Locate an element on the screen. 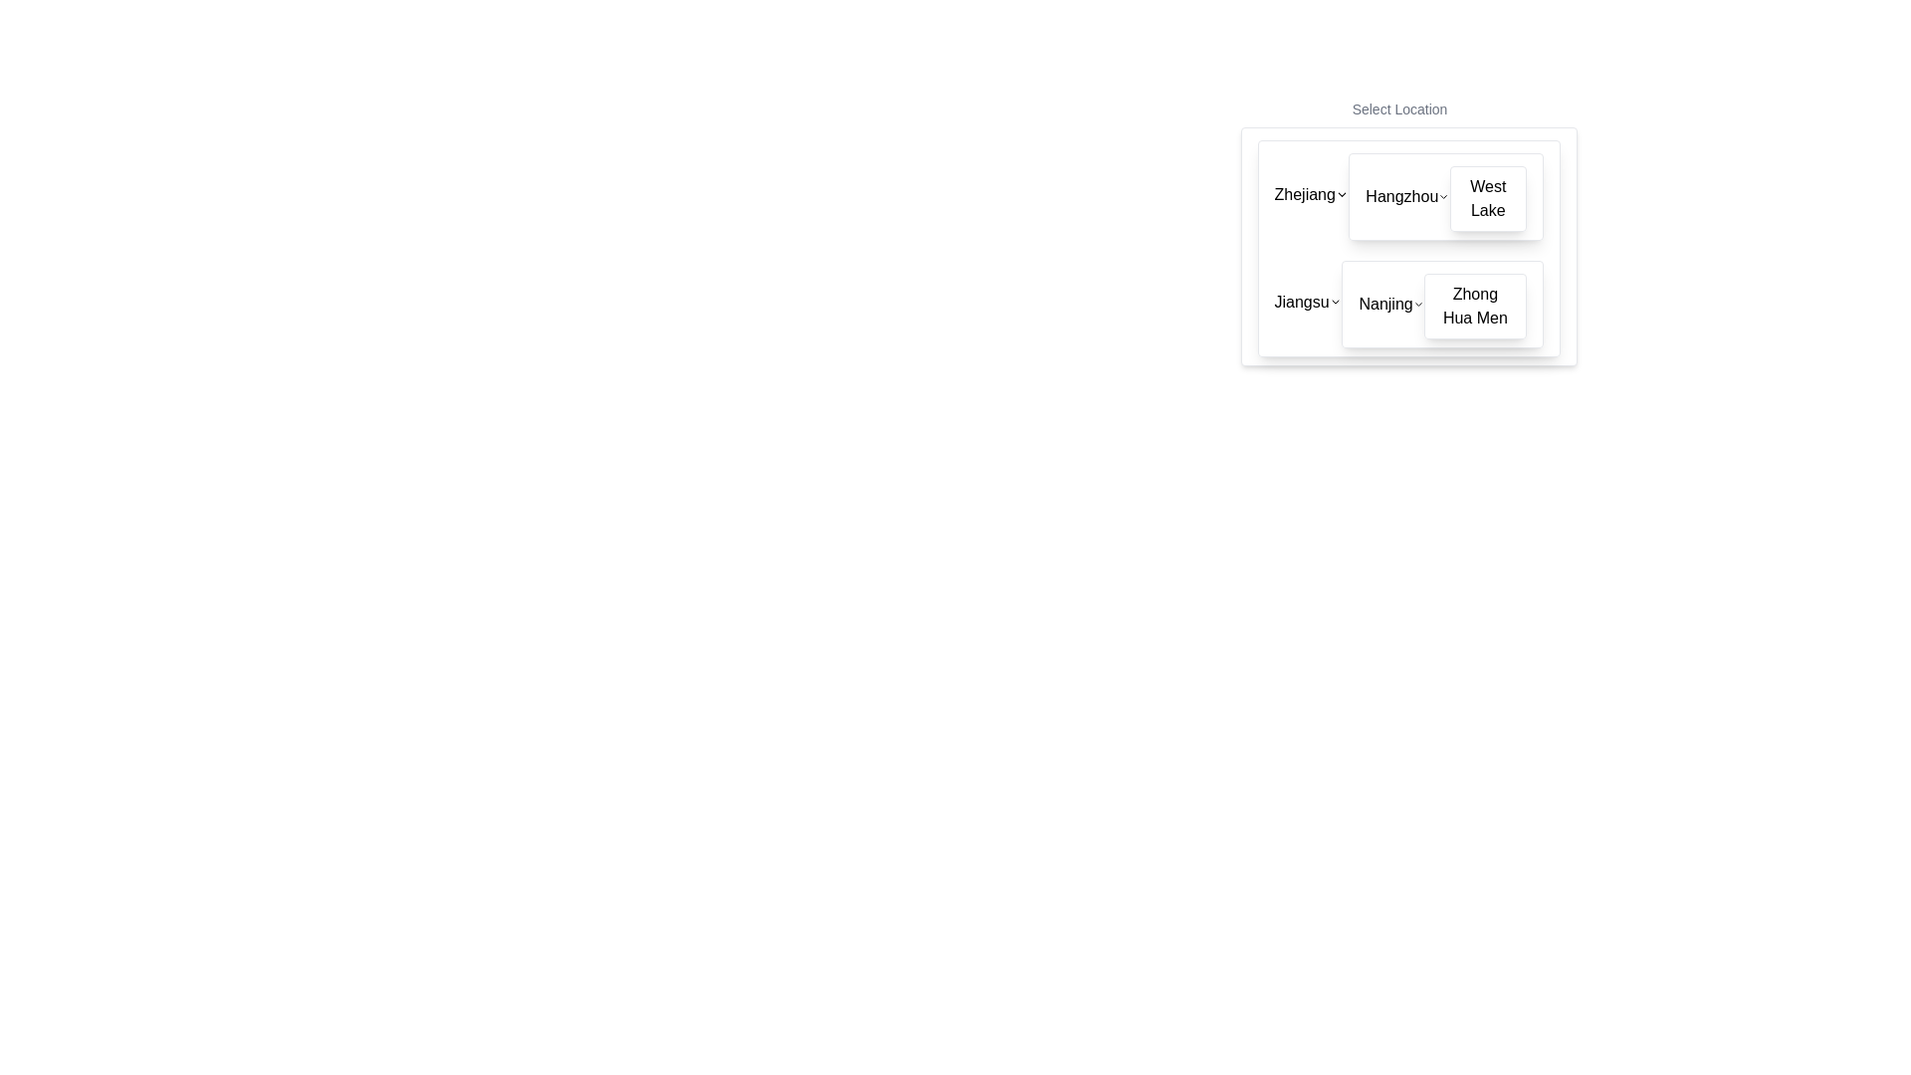 The height and width of the screenshot is (1075, 1911). the text label displaying 'Zhejiang', which is the first label in a dropdown menu of location options is located at coordinates (1304, 195).